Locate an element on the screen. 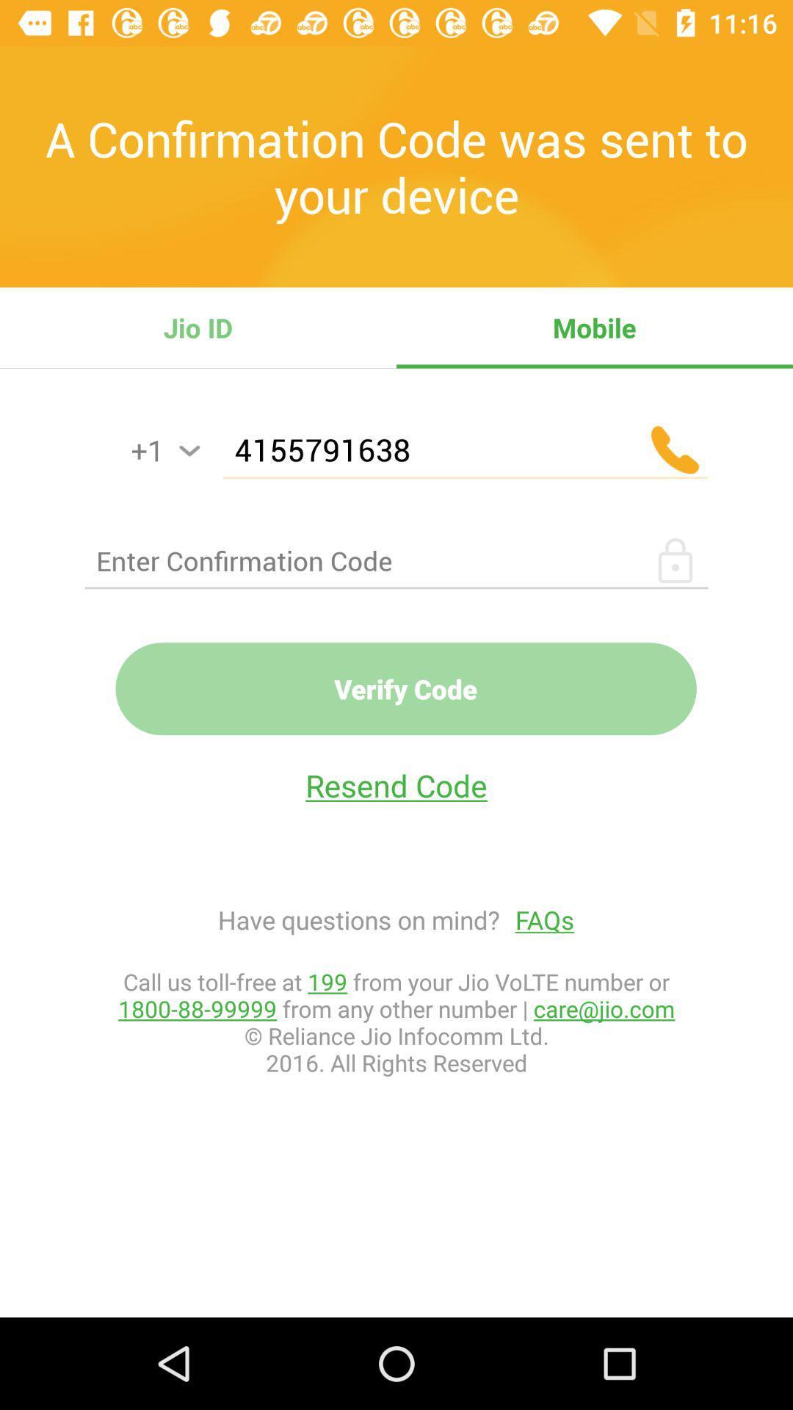 Image resolution: width=793 pixels, height=1410 pixels. item to the right of the +1 icon is located at coordinates (189, 450).